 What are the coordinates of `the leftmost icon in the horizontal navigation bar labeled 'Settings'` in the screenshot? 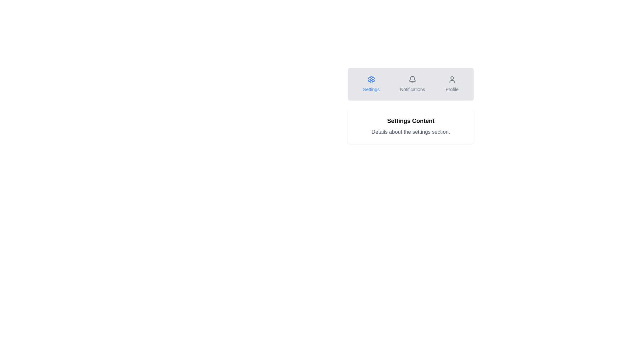 It's located at (371, 79).